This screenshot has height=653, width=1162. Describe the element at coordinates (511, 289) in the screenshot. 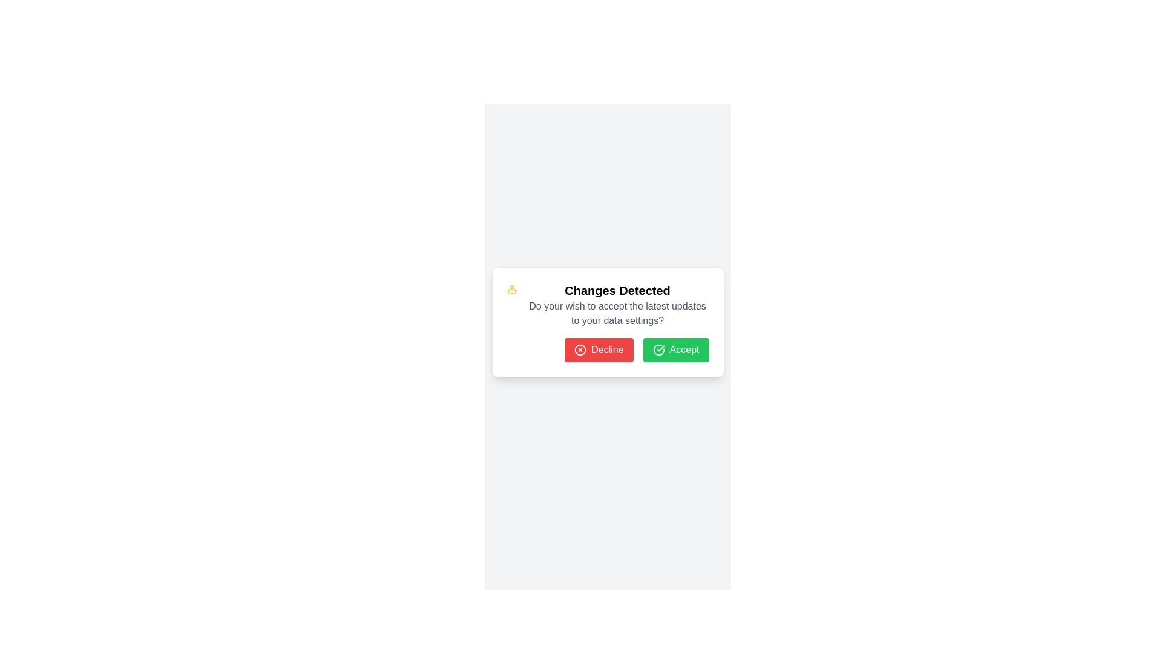

I see `the warning icon located at the top left of the modal box titled 'Changes Detected'` at that location.